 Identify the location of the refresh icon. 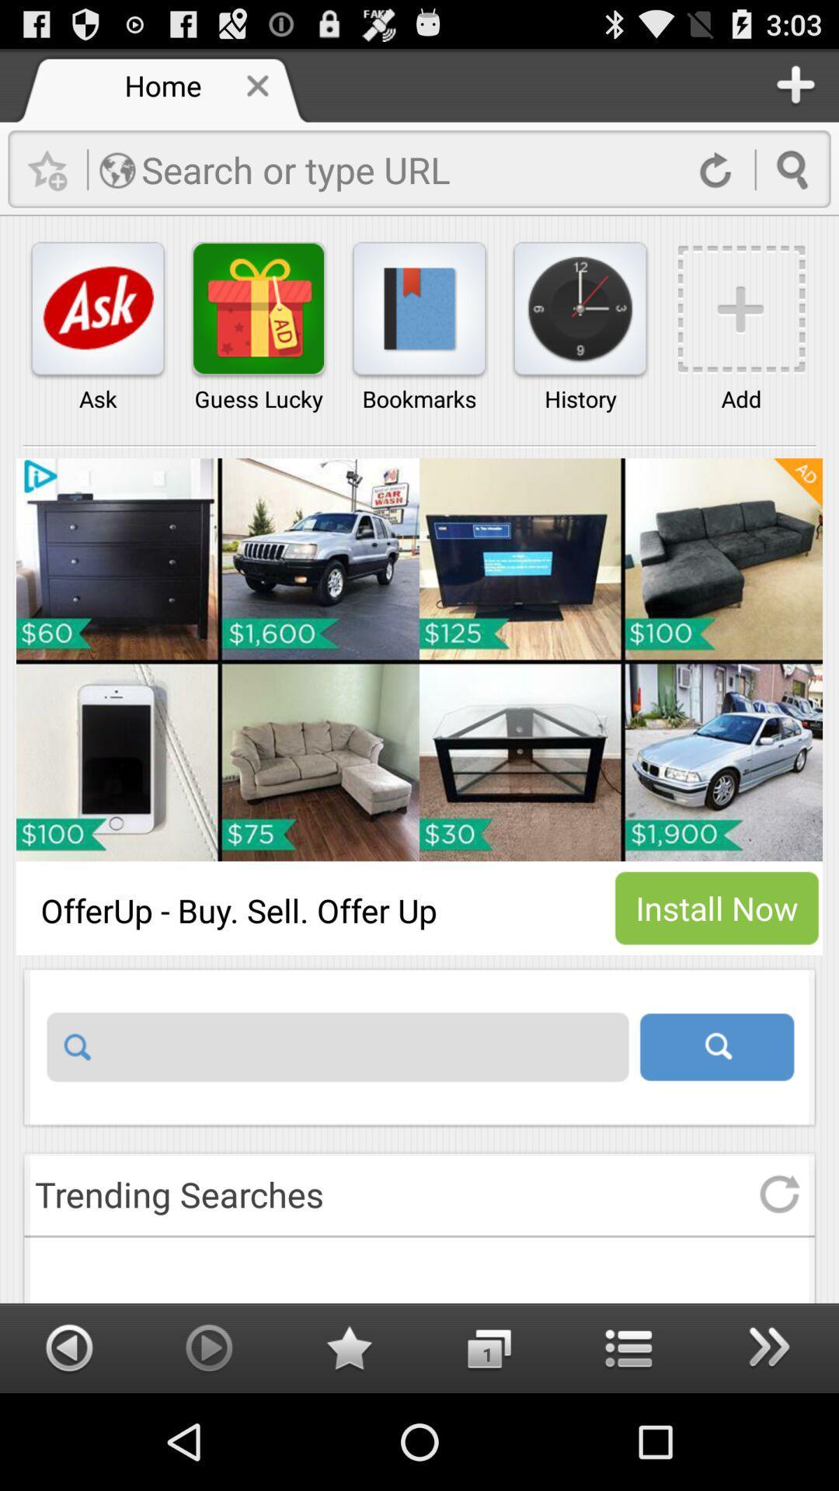
(779, 1278).